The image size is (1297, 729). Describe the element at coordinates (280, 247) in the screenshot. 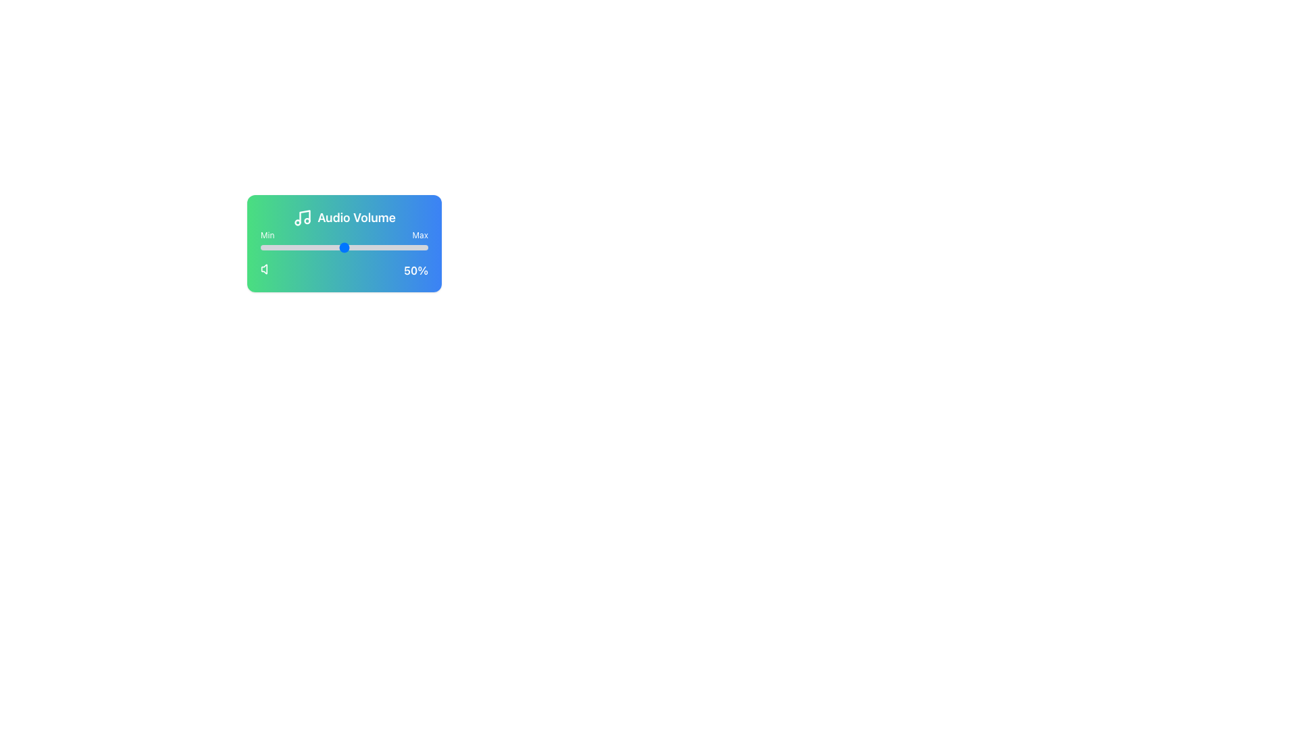

I see `the slider` at that location.